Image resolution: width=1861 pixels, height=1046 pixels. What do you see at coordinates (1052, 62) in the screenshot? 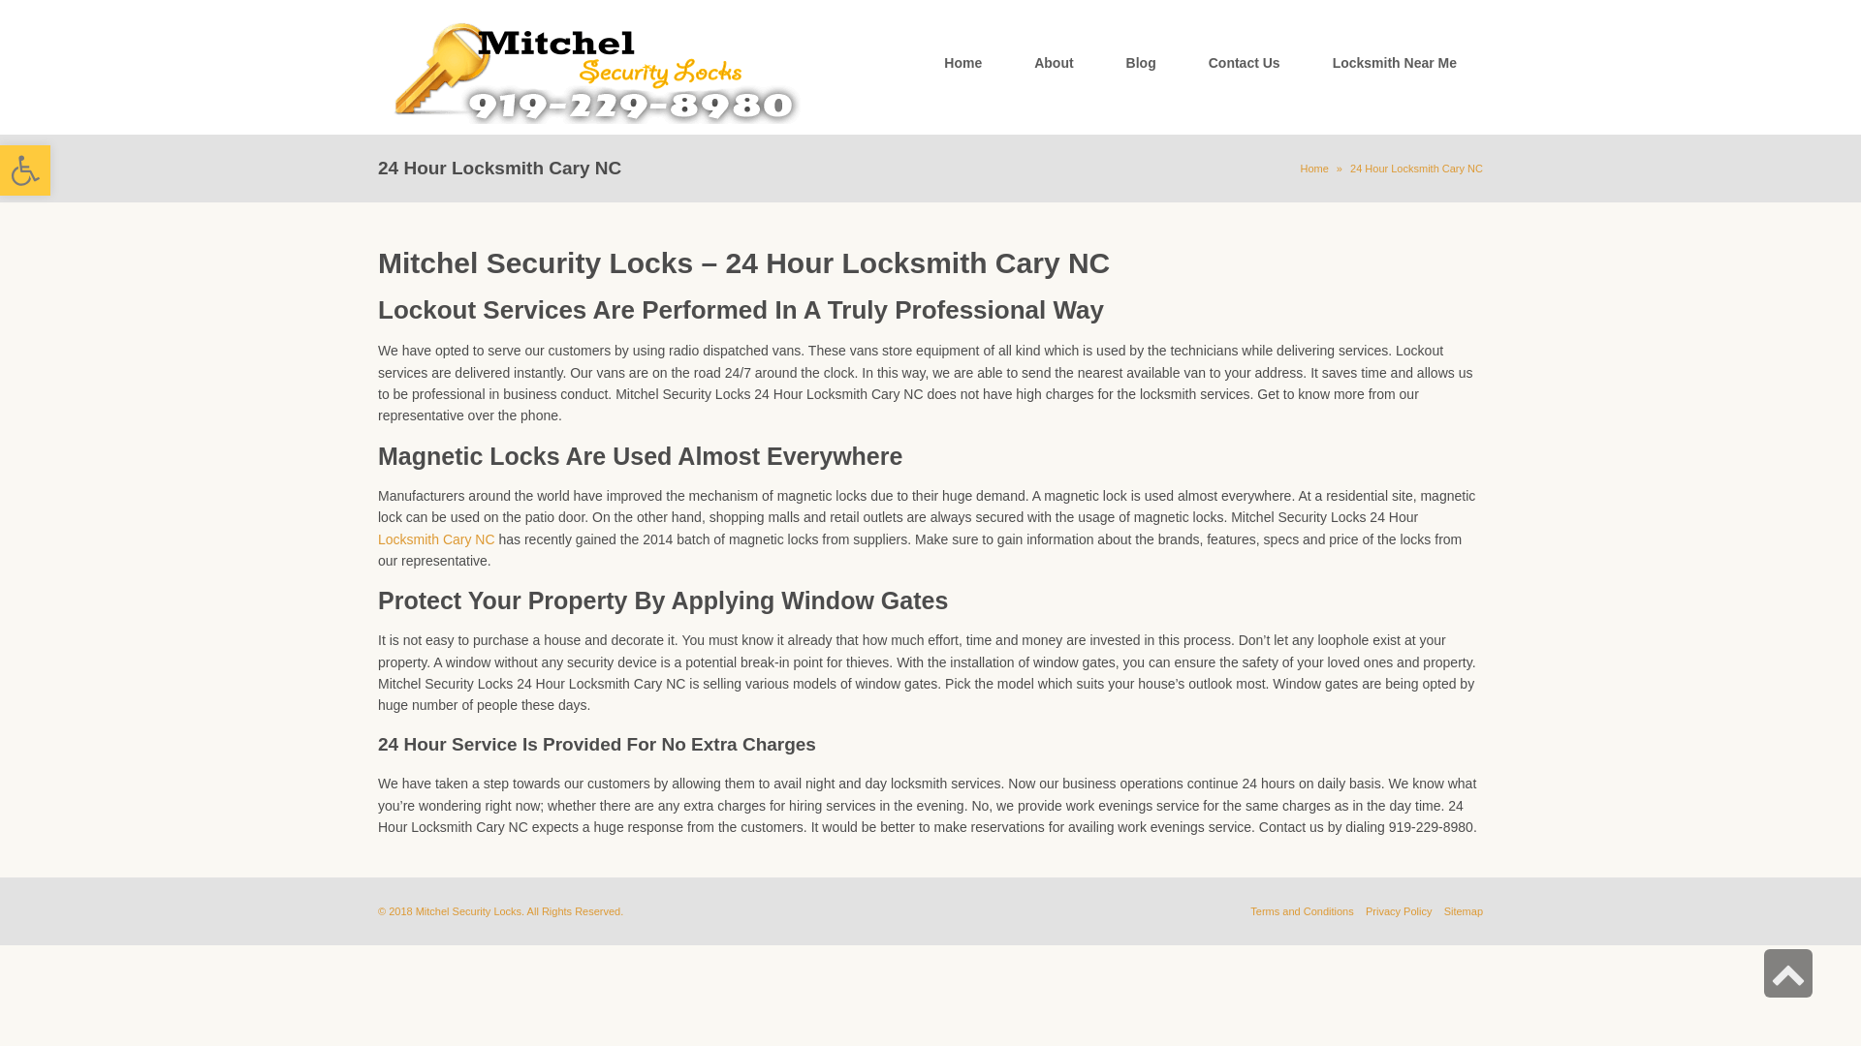
I see `'About'` at bounding box center [1052, 62].